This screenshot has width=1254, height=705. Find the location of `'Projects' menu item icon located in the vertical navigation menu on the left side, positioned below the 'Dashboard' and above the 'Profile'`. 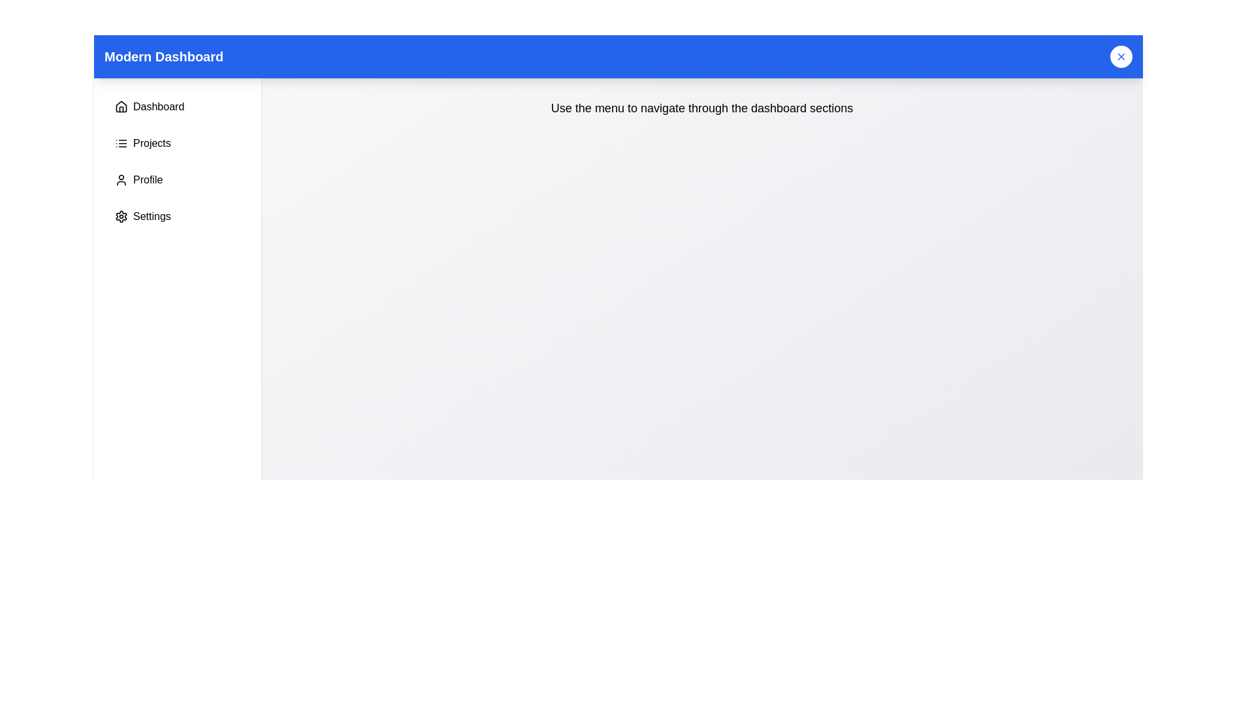

'Projects' menu item icon located in the vertical navigation menu on the left side, positioned below the 'Dashboard' and above the 'Profile' is located at coordinates (121, 143).